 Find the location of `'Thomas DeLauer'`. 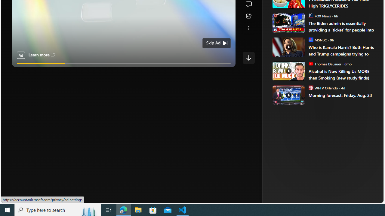

'Thomas DeLauer' is located at coordinates (311, 64).